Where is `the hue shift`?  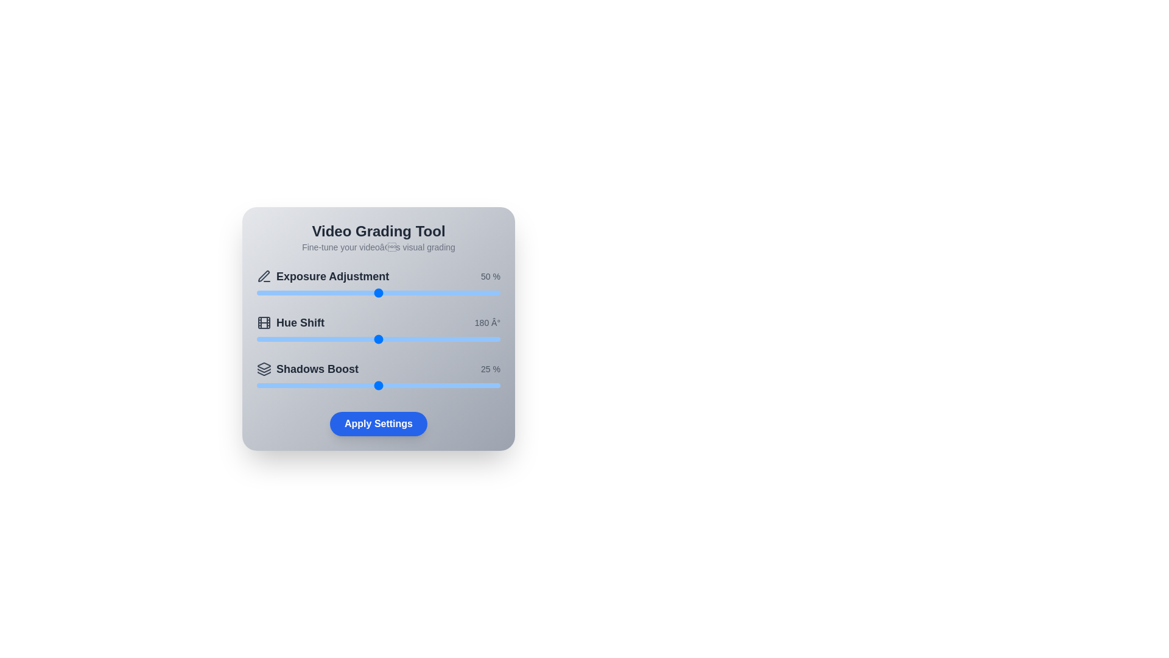
the hue shift is located at coordinates (399, 339).